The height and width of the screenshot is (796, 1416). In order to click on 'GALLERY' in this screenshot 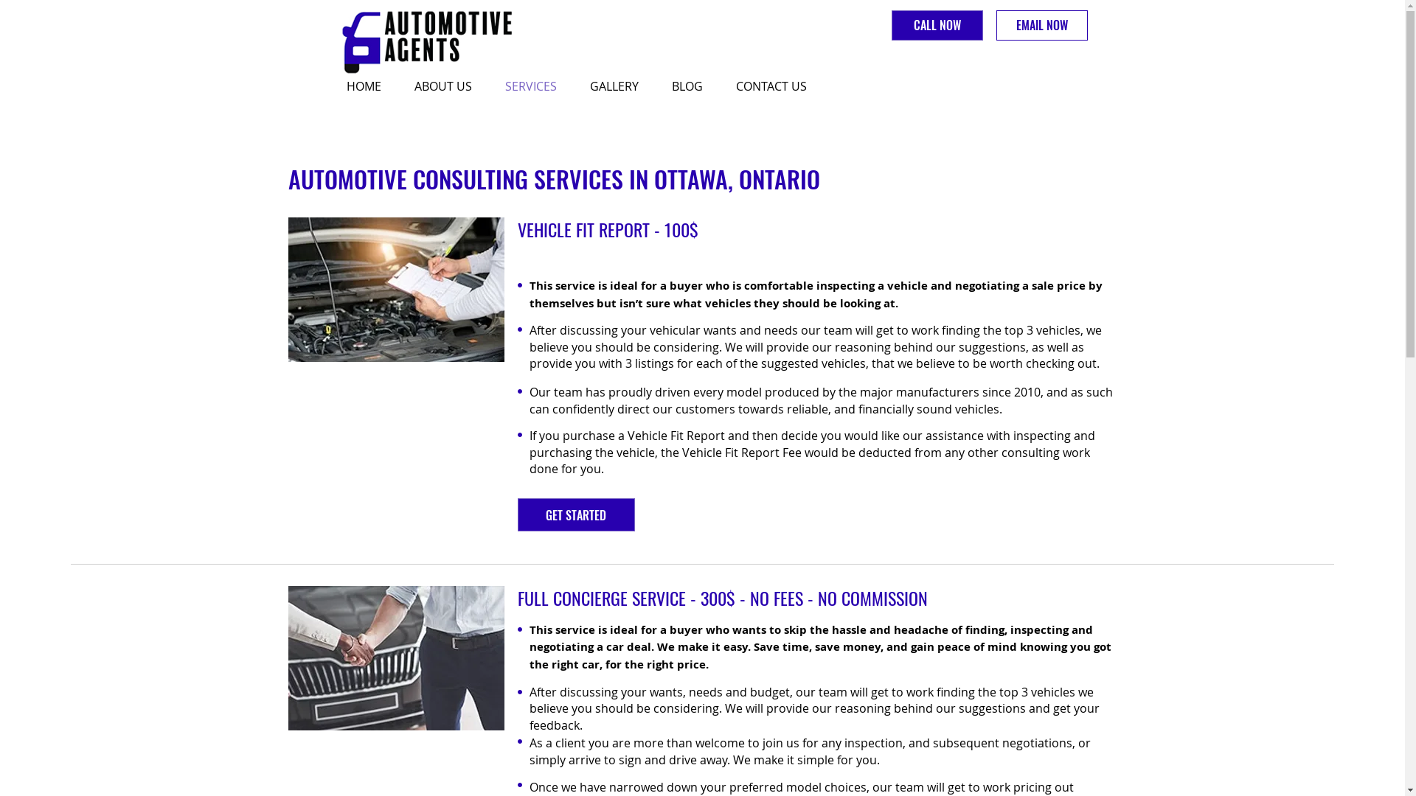, I will do `click(619, 85)`.